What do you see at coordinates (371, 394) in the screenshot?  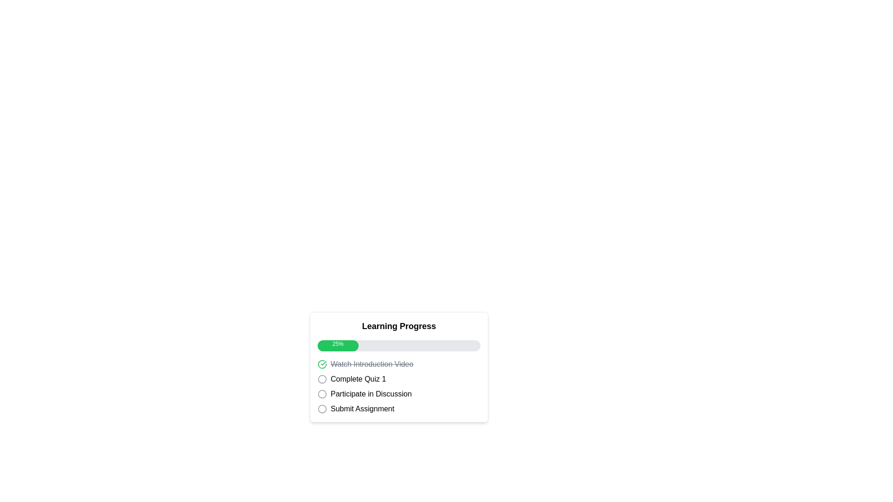 I see `the text label that indicates a task in the progress tracker, positioned between 'Complete Quiz 1' and 'Submit Assignment'` at bounding box center [371, 394].